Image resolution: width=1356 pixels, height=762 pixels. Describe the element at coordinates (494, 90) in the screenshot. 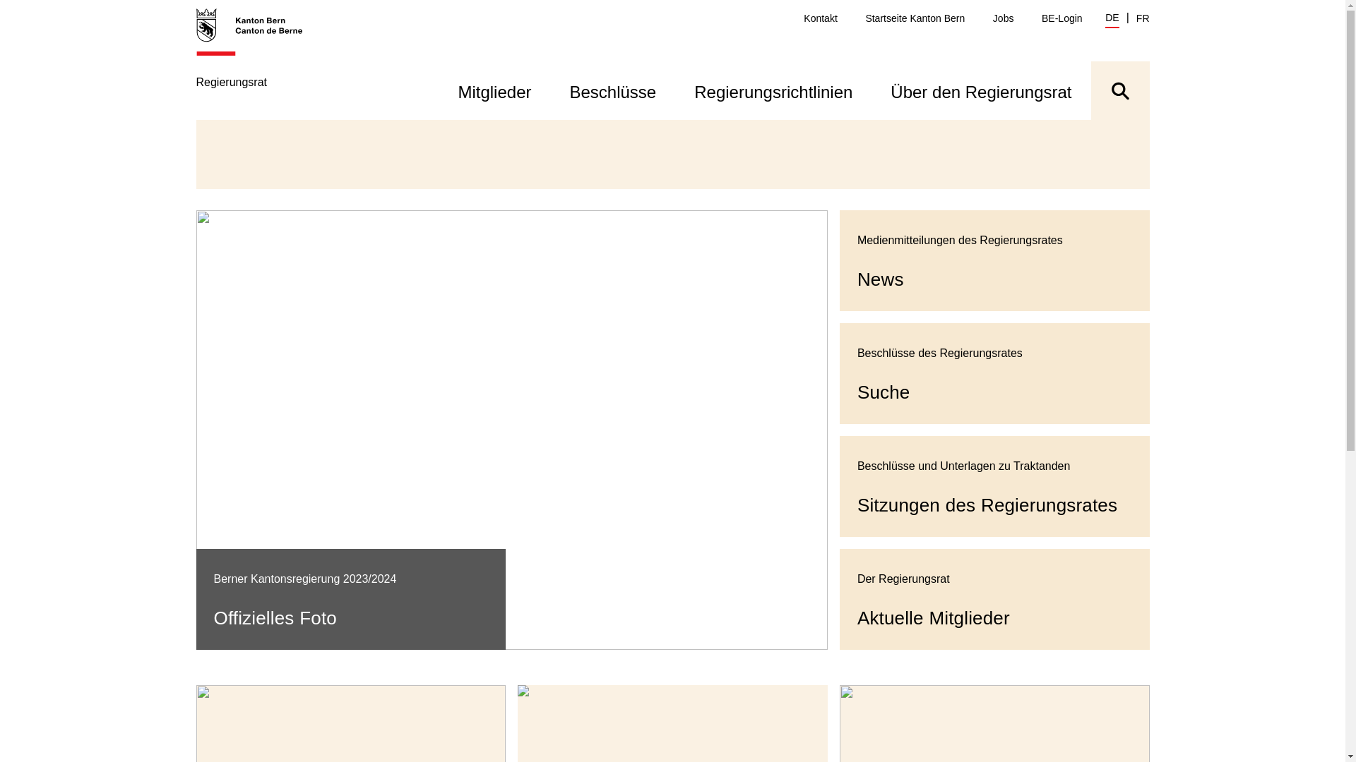

I see `'Mitglieder'` at that location.